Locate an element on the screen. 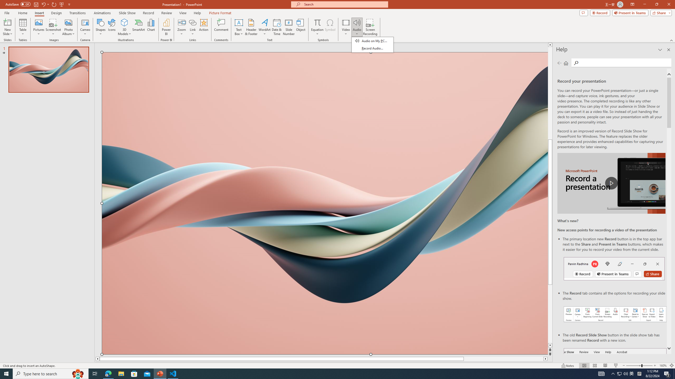 The image size is (675, 379). 'Video' is located at coordinates (346, 27).